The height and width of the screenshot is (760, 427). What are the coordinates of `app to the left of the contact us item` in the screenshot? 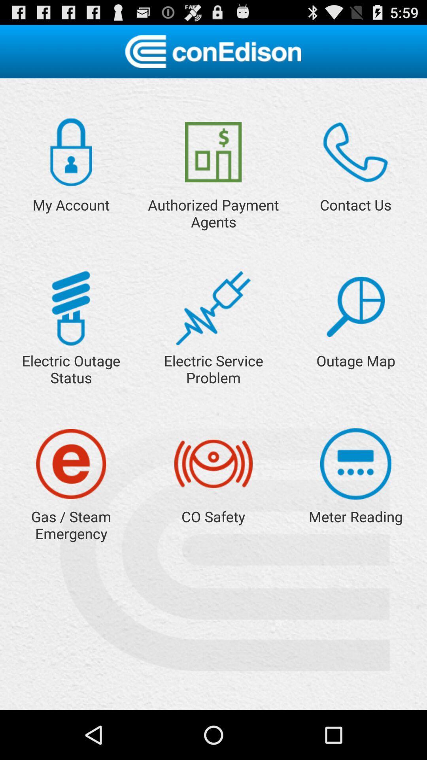 It's located at (213, 152).